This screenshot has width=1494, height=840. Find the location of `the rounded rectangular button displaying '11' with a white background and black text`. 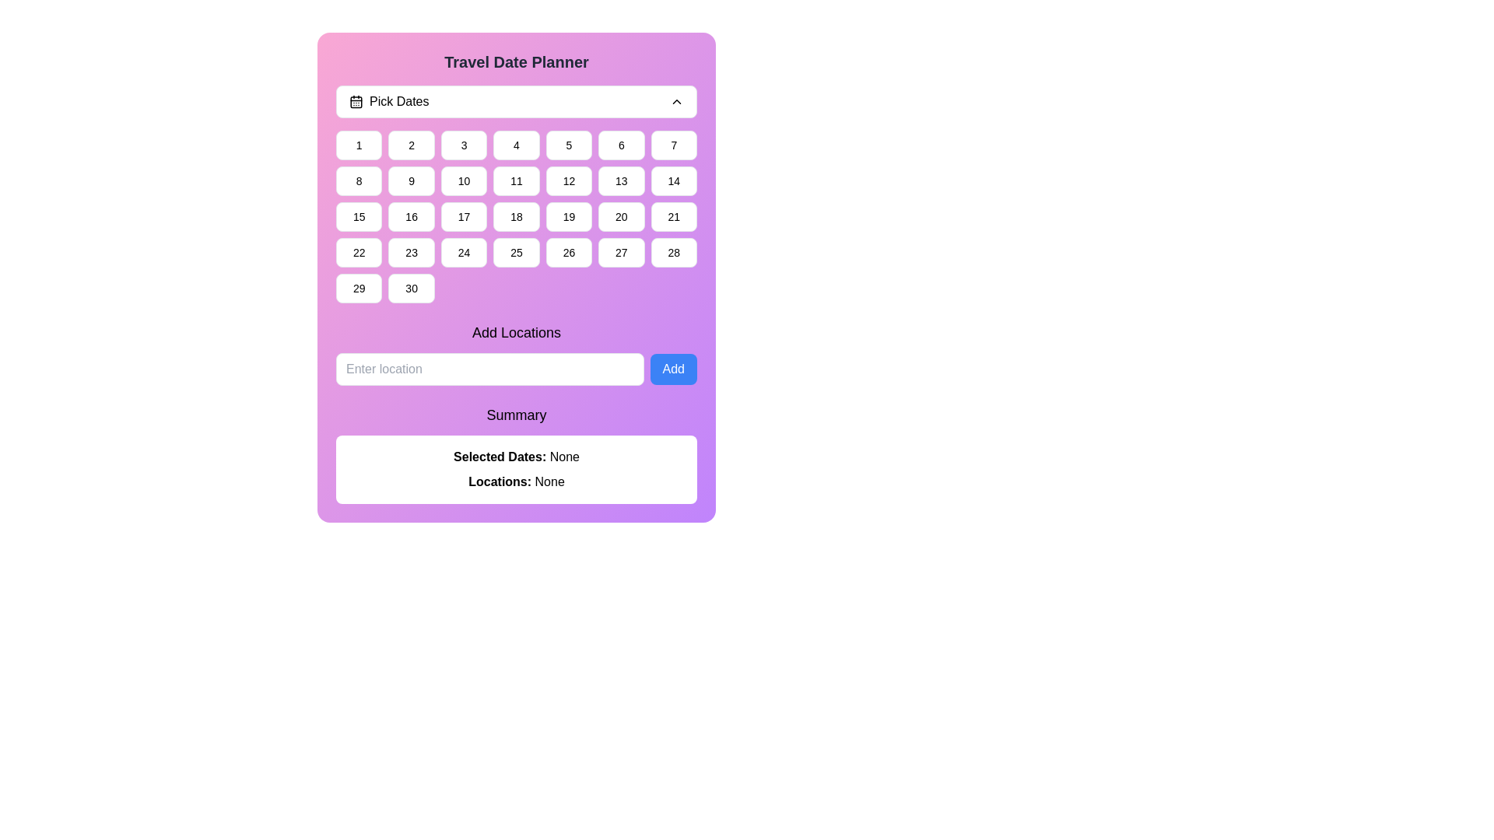

the rounded rectangular button displaying '11' with a white background and black text is located at coordinates (516, 180).